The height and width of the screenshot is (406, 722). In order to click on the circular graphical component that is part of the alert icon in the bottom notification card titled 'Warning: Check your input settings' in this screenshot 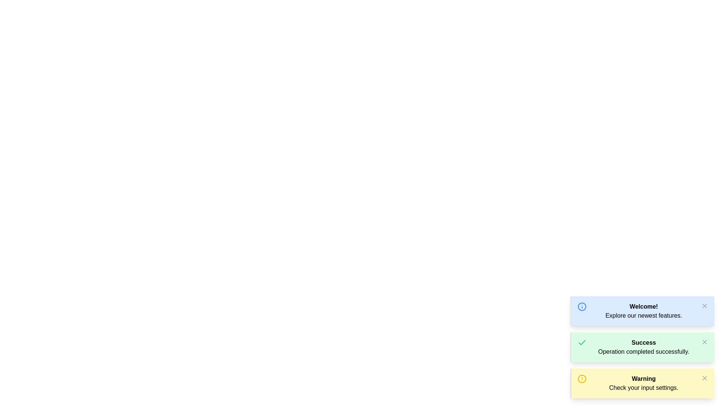, I will do `click(582, 379)`.